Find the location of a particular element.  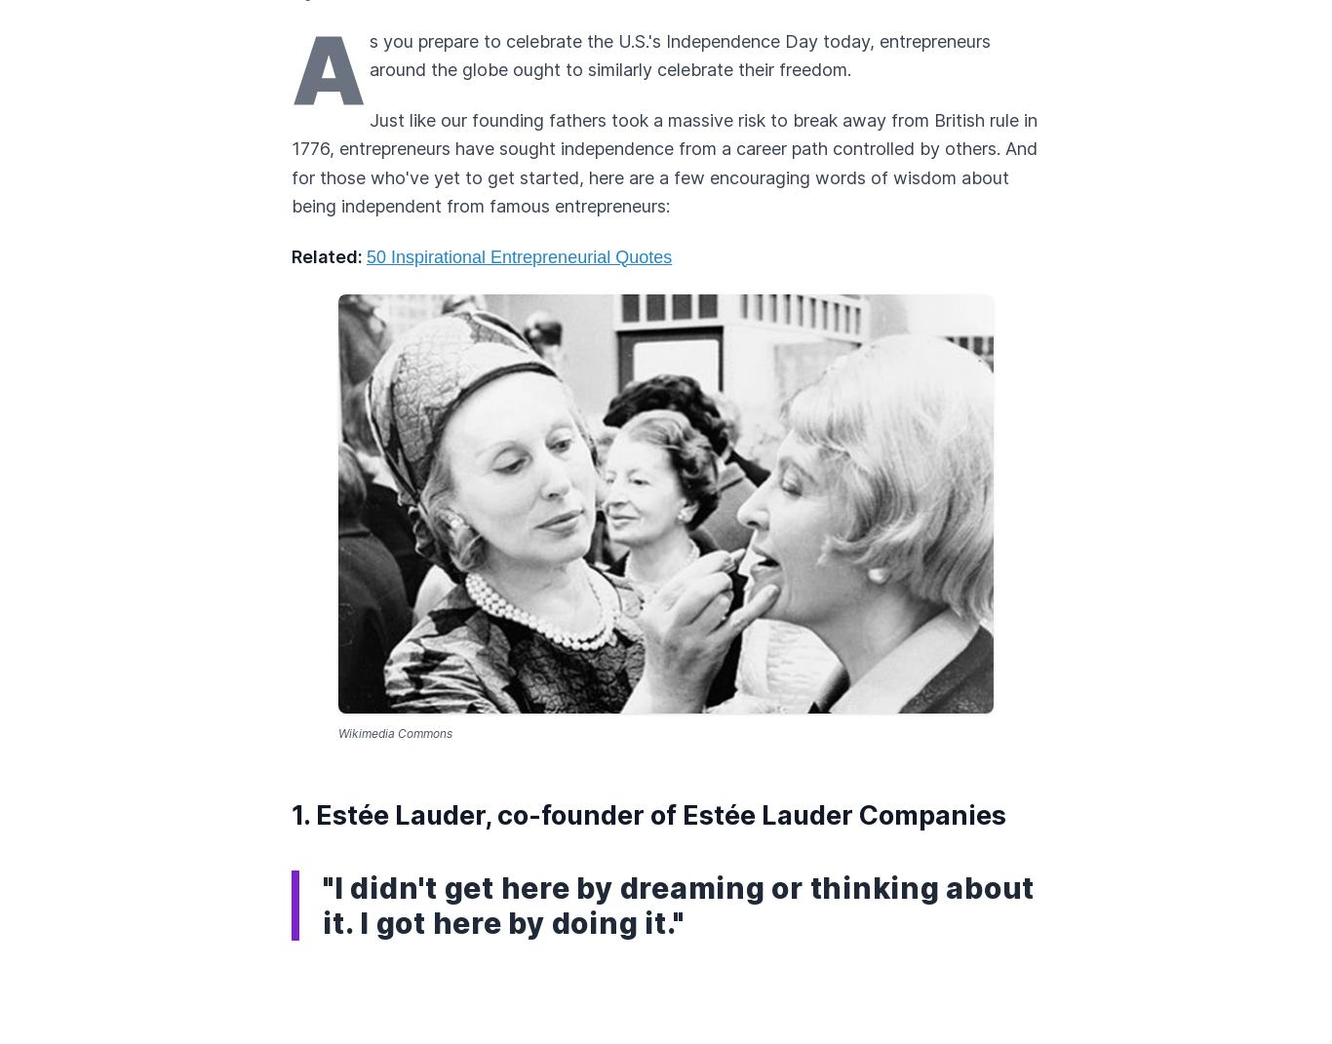

'Business Solutions' is located at coordinates (376, 760).